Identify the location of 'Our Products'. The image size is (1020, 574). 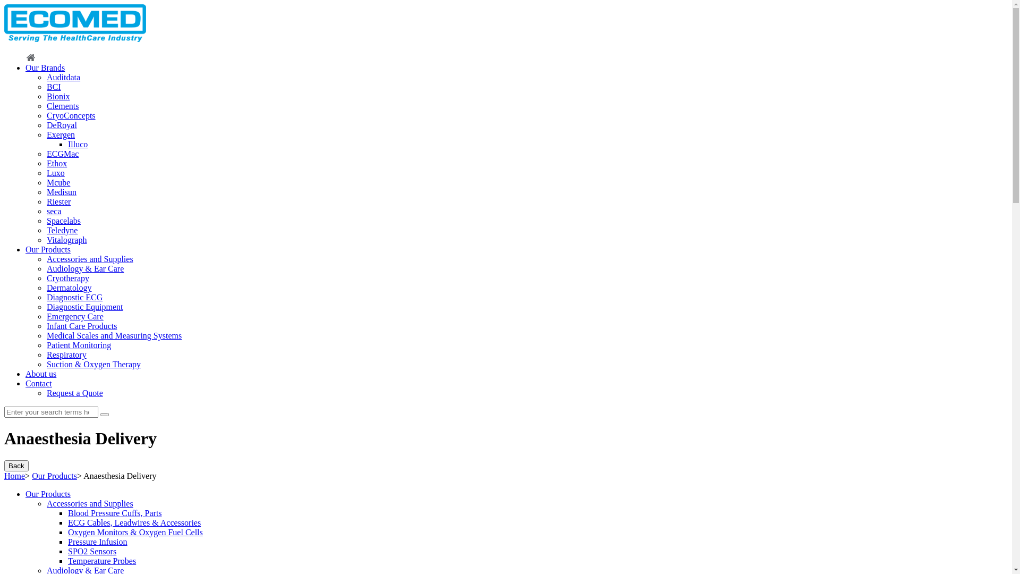
(54, 475).